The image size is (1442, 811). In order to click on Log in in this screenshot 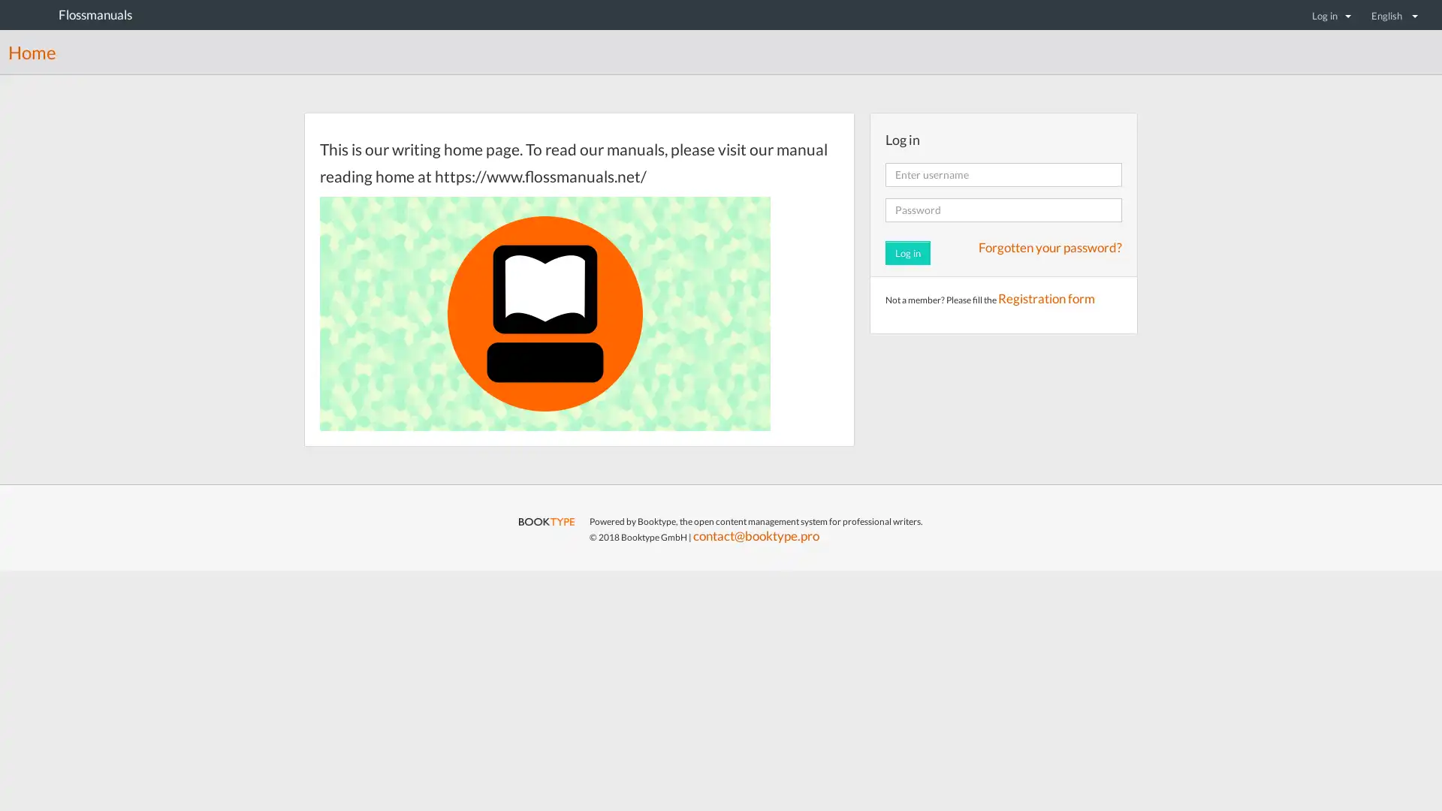, I will do `click(1331, 15)`.